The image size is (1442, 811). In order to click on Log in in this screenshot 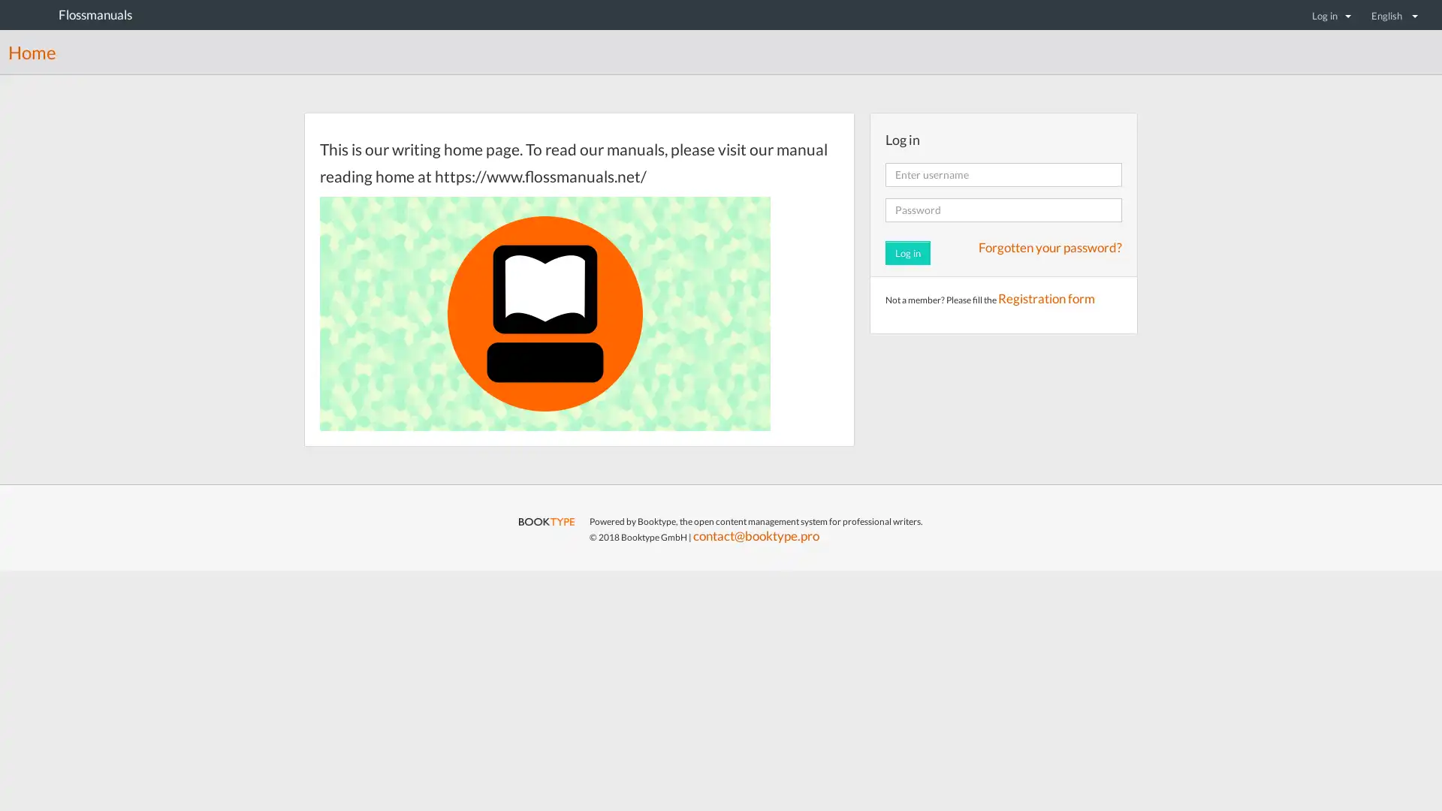, I will do `click(1331, 15)`.